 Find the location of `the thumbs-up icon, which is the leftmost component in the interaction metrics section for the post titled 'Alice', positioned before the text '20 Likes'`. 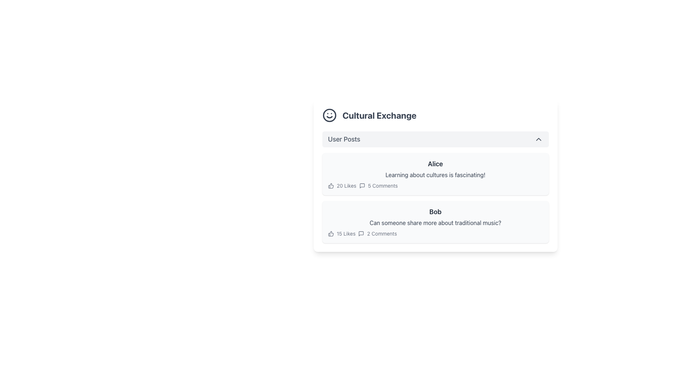

the thumbs-up icon, which is the leftmost component in the interaction metrics section for the post titled 'Alice', positioned before the text '20 Likes' is located at coordinates (330, 185).